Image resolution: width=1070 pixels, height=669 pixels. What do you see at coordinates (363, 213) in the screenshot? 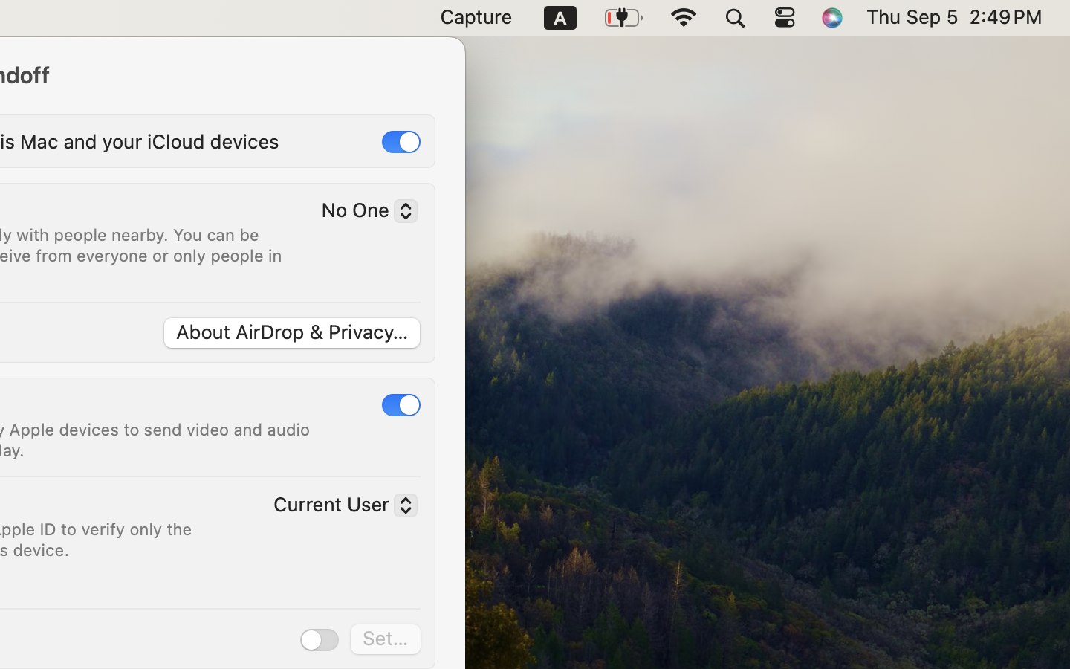
I see `'No One'` at bounding box center [363, 213].